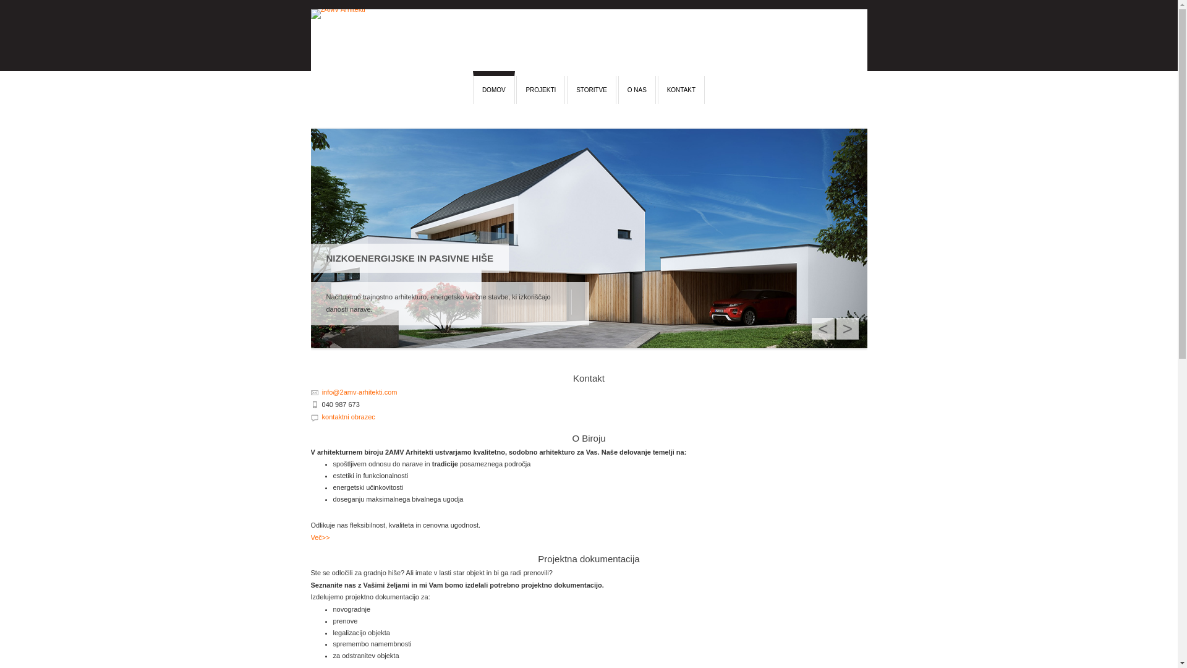  Describe the element at coordinates (822, 328) in the screenshot. I see `'<'` at that location.